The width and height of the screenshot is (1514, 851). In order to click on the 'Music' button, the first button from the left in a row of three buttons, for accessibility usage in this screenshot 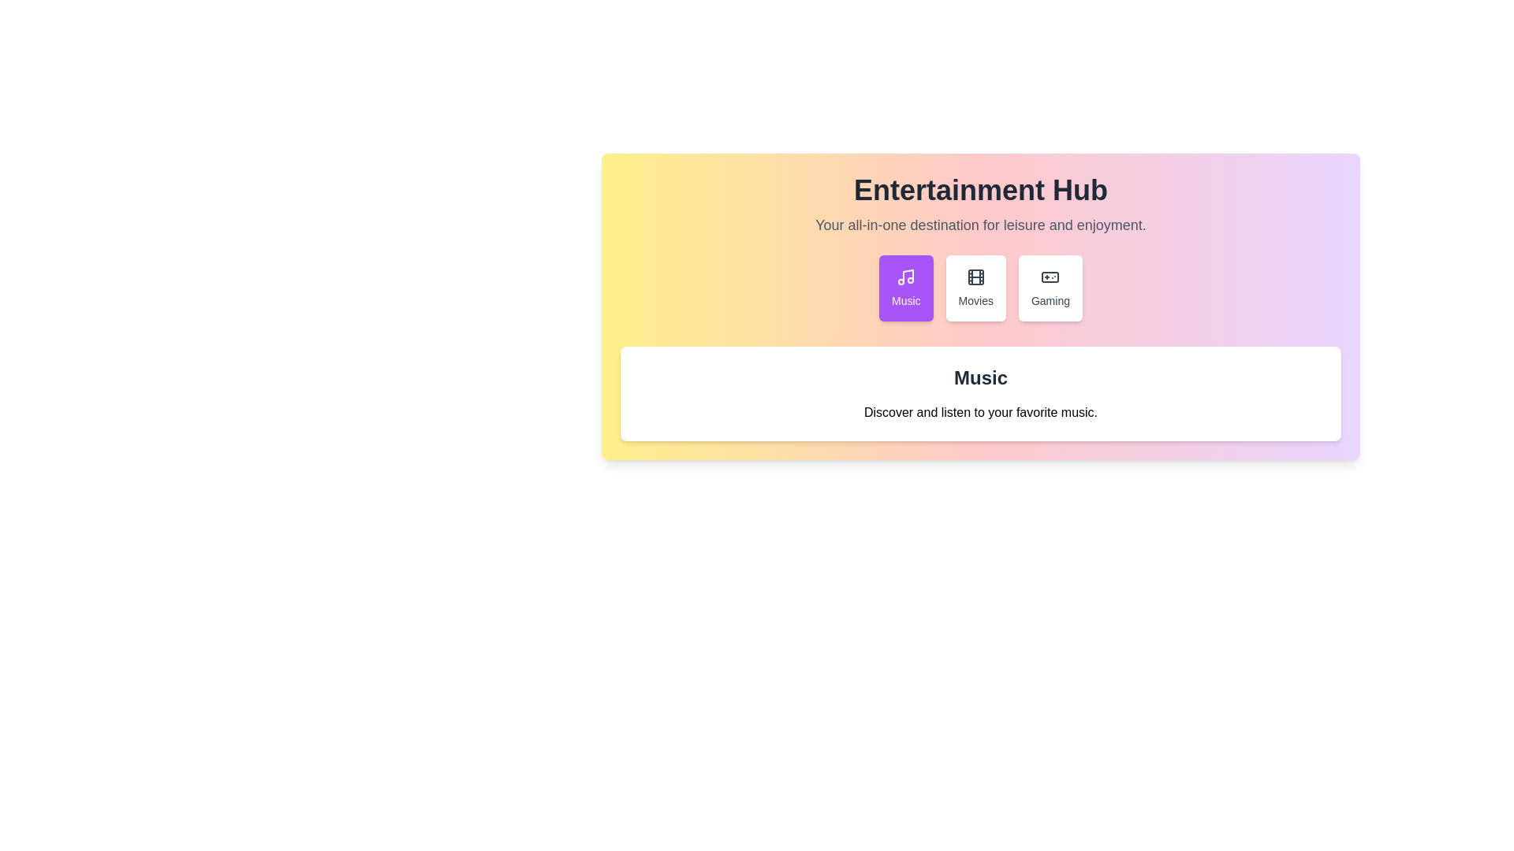, I will do `click(906, 288)`.